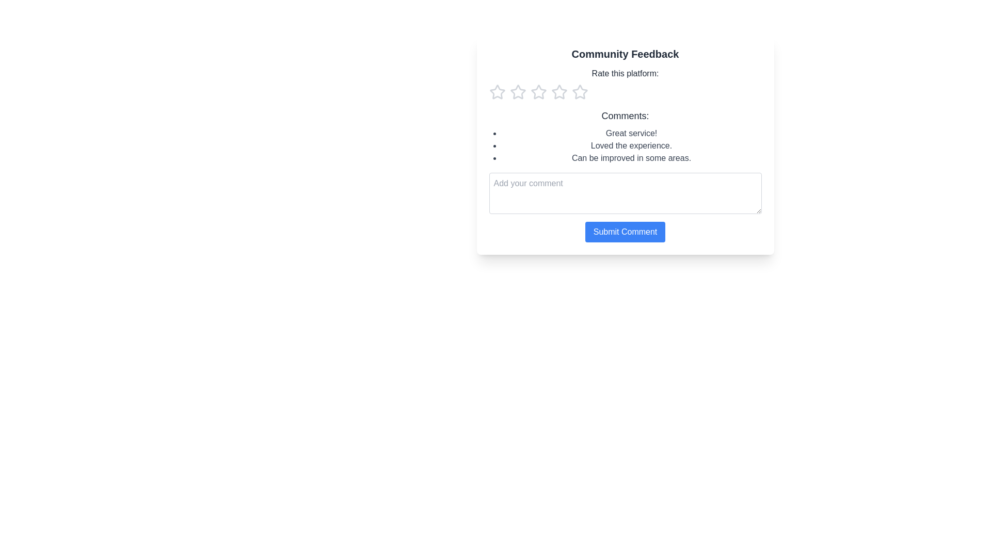 Image resolution: width=991 pixels, height=557 pixels. Describe the element at coordinates (631, 158) in the screenshot. I see `the third text label in the comment list that contains user feedback, located under the heading 'Comments', positioned between 'Great service!' and 'Loved the experience.'` at that location.